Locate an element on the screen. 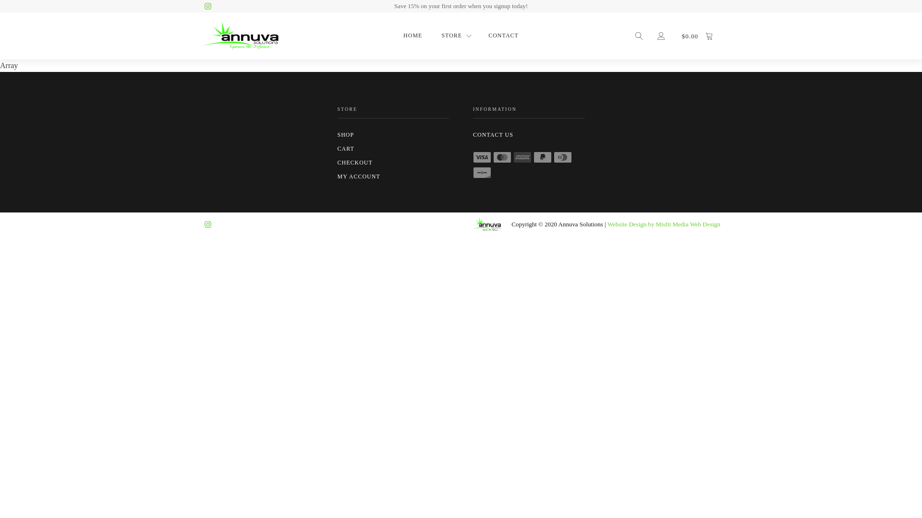  'CHECKOUT' is located at coordinates (393, 162).